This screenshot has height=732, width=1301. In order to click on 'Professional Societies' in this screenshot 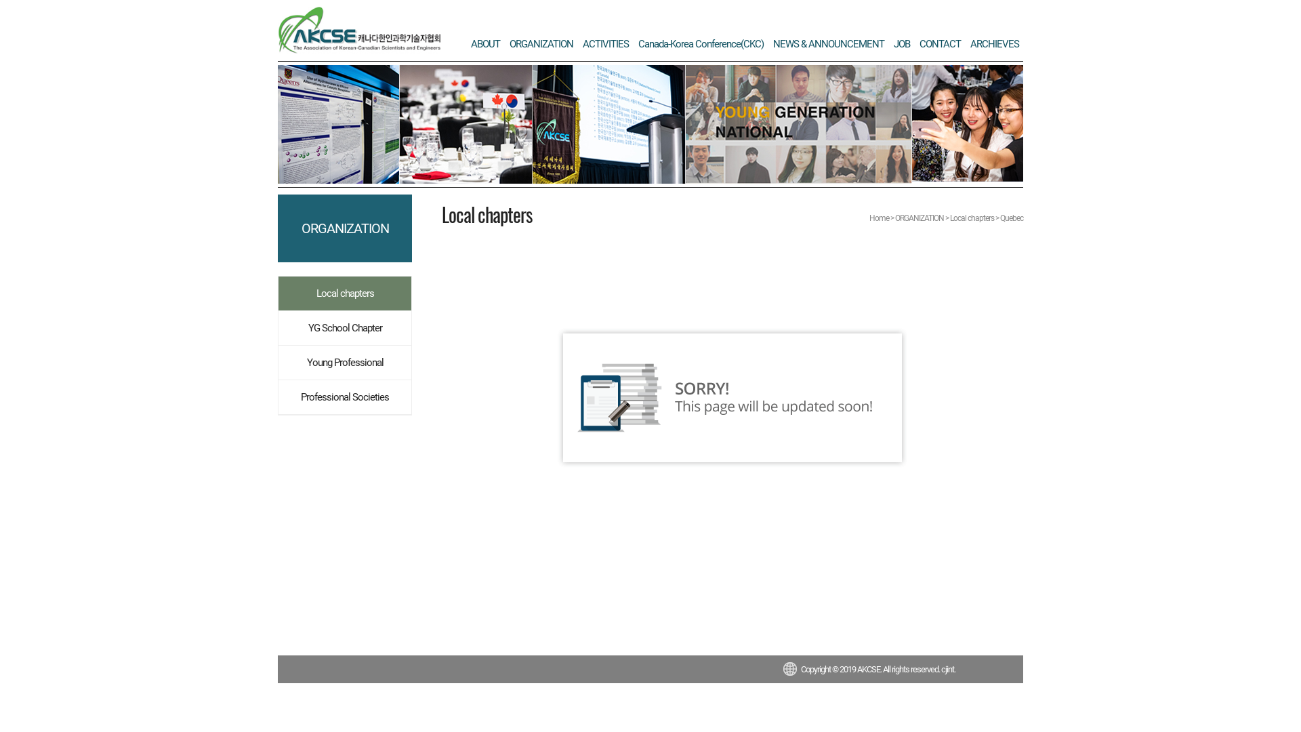, I will do `click(344, 396)`.